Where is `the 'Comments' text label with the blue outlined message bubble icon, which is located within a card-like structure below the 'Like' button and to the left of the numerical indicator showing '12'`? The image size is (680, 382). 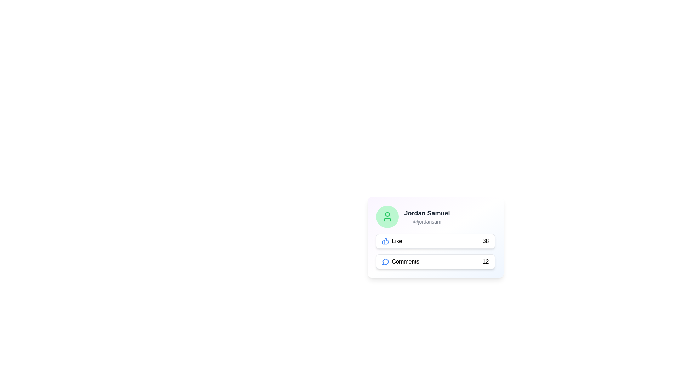
the 'Comments' text label with the blue outlined message bubble icon, which is located within a card-like structure below the 'Like' button and to the left of the numerical indicator showing '12' is located at coordinates (401, 262).